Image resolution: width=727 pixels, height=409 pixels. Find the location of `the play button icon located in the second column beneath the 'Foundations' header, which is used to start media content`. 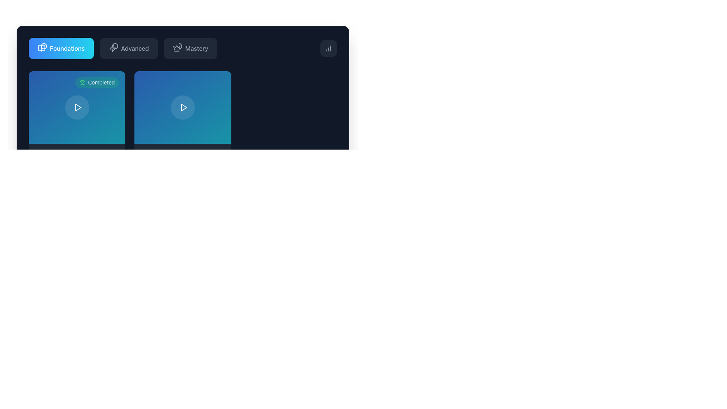

the play button icon located in the second column beneath the 'Foundations' header, which is used to start media content is located at coordinates (184, 108).